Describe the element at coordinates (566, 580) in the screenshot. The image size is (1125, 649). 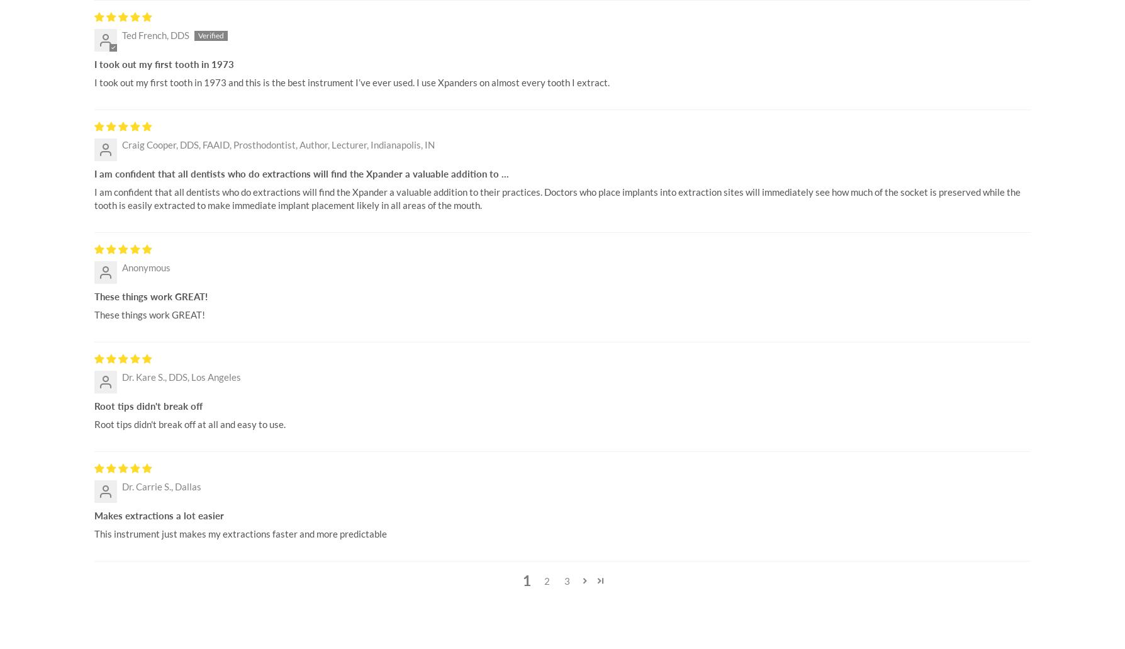
I see `'3'` at that location.